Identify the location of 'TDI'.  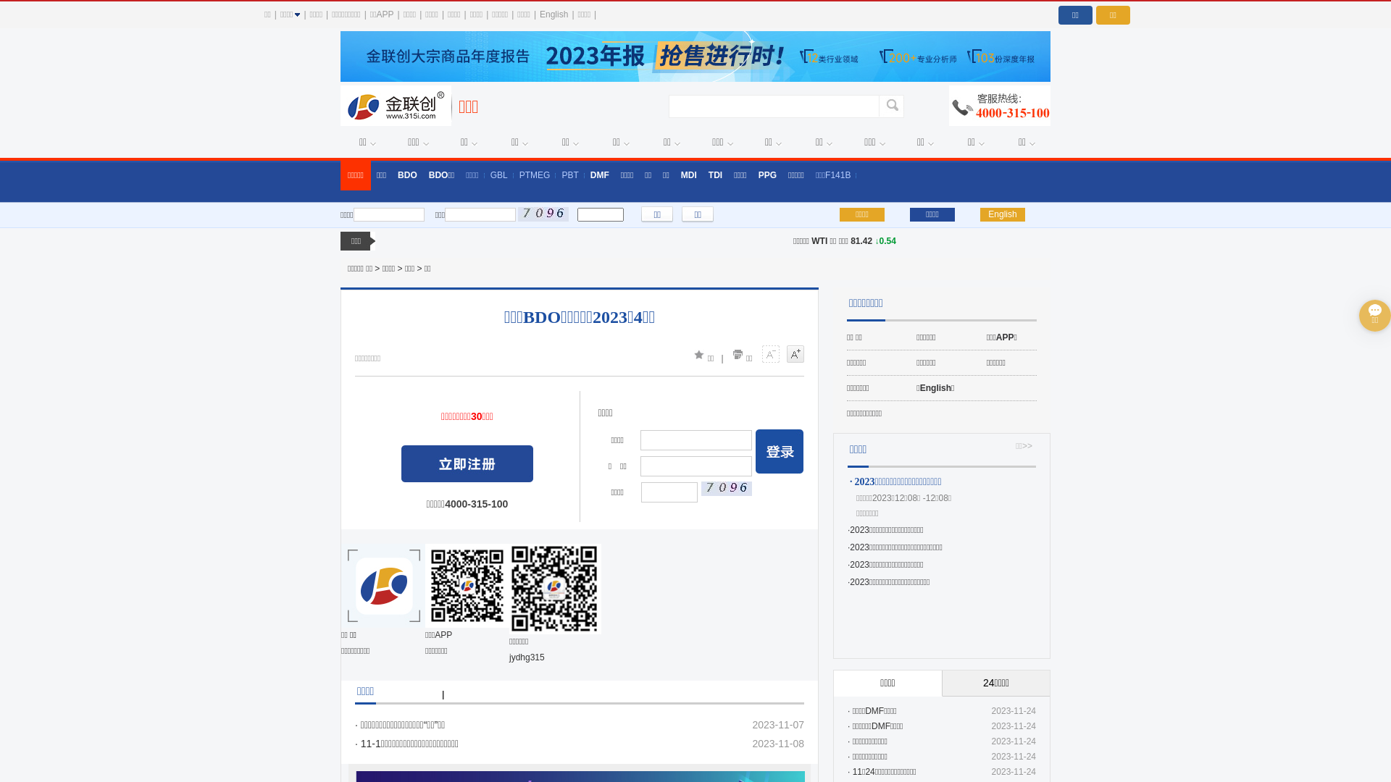
(715, 175).